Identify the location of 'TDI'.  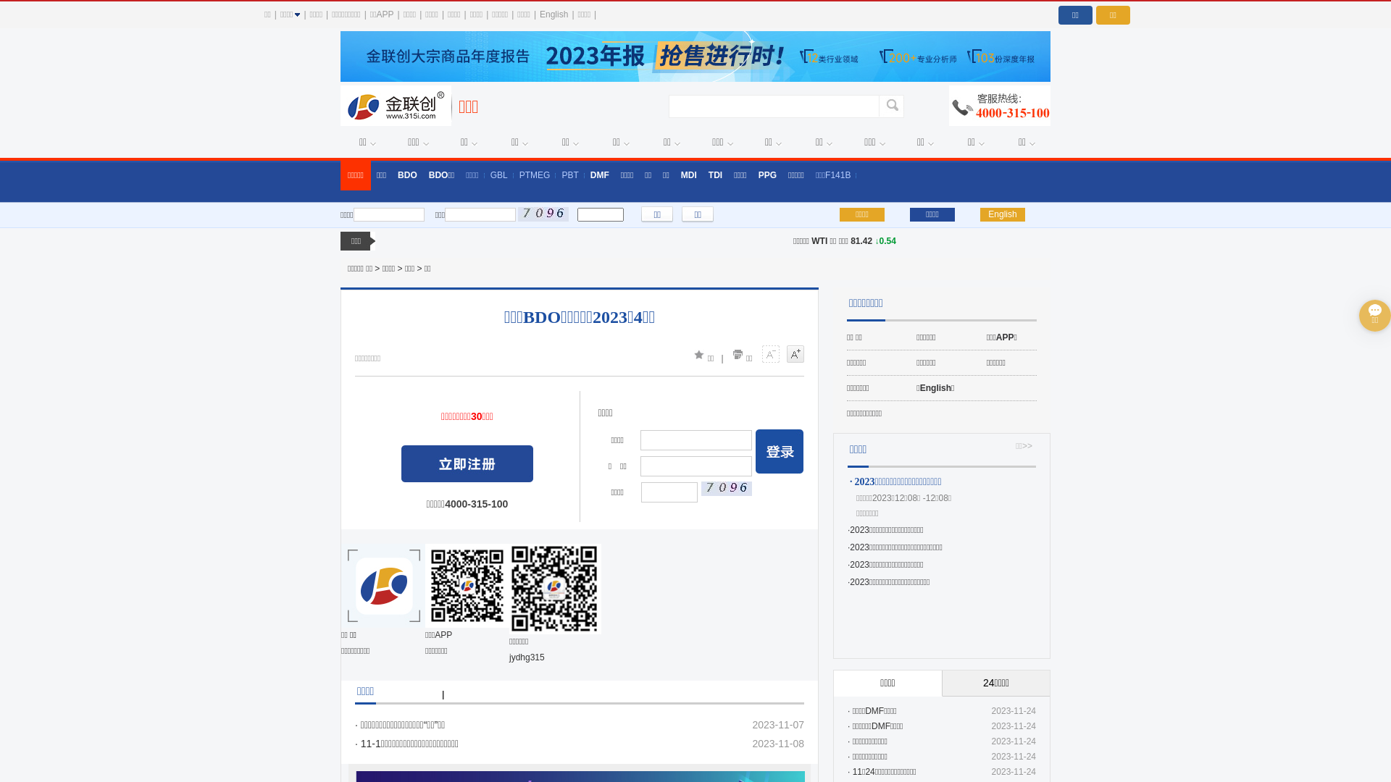
(715, 175).